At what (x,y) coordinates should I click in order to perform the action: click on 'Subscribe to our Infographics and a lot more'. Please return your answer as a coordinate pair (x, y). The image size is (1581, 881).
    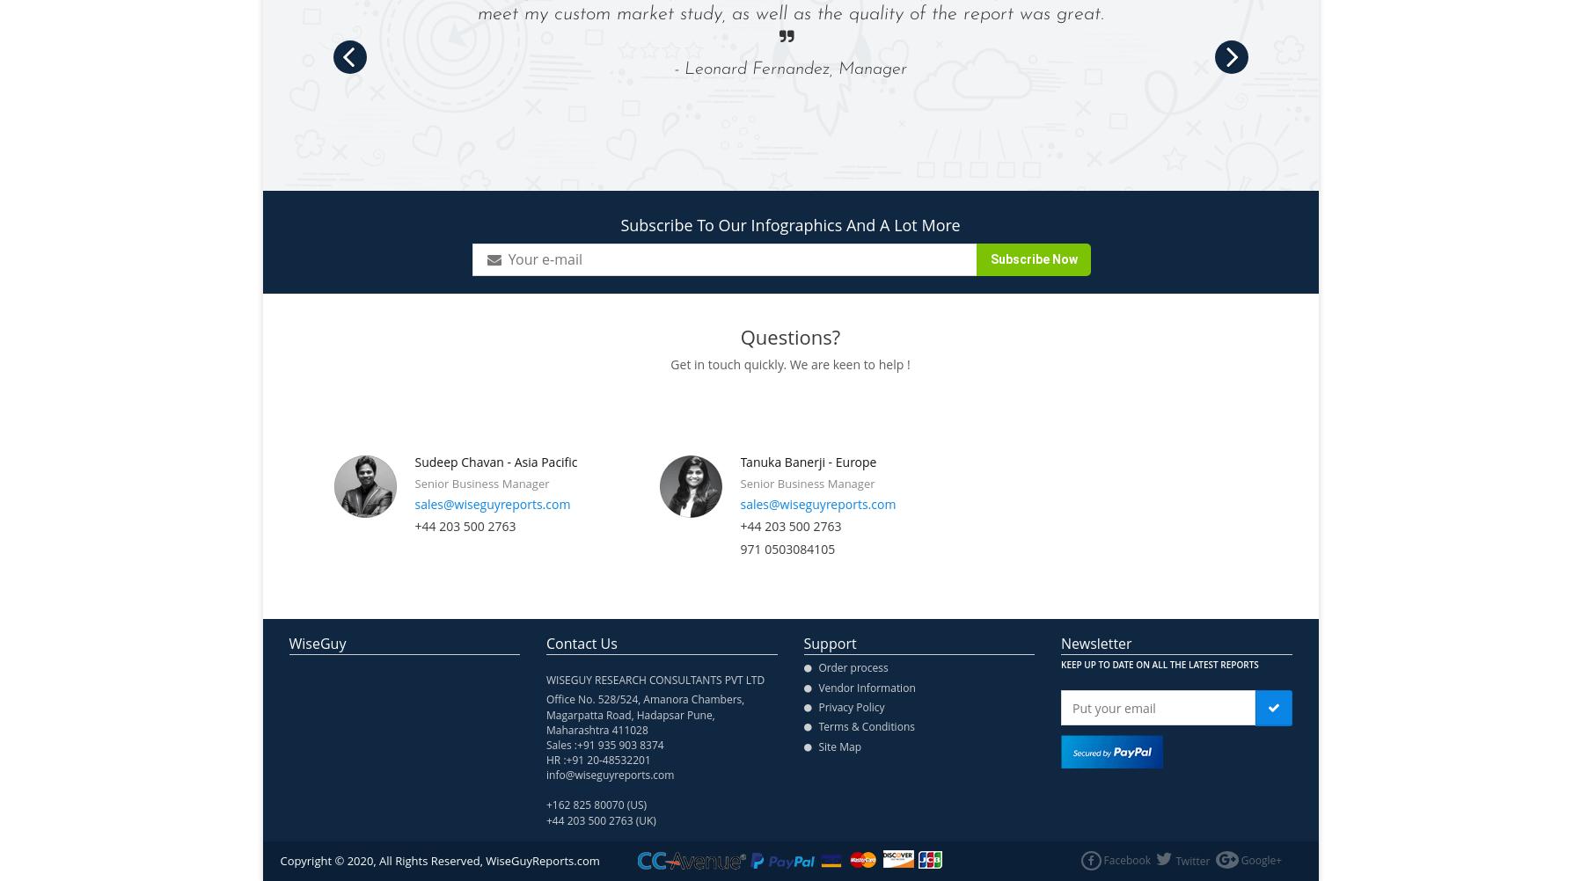
    Looking at the image, I should click on (788, 223).